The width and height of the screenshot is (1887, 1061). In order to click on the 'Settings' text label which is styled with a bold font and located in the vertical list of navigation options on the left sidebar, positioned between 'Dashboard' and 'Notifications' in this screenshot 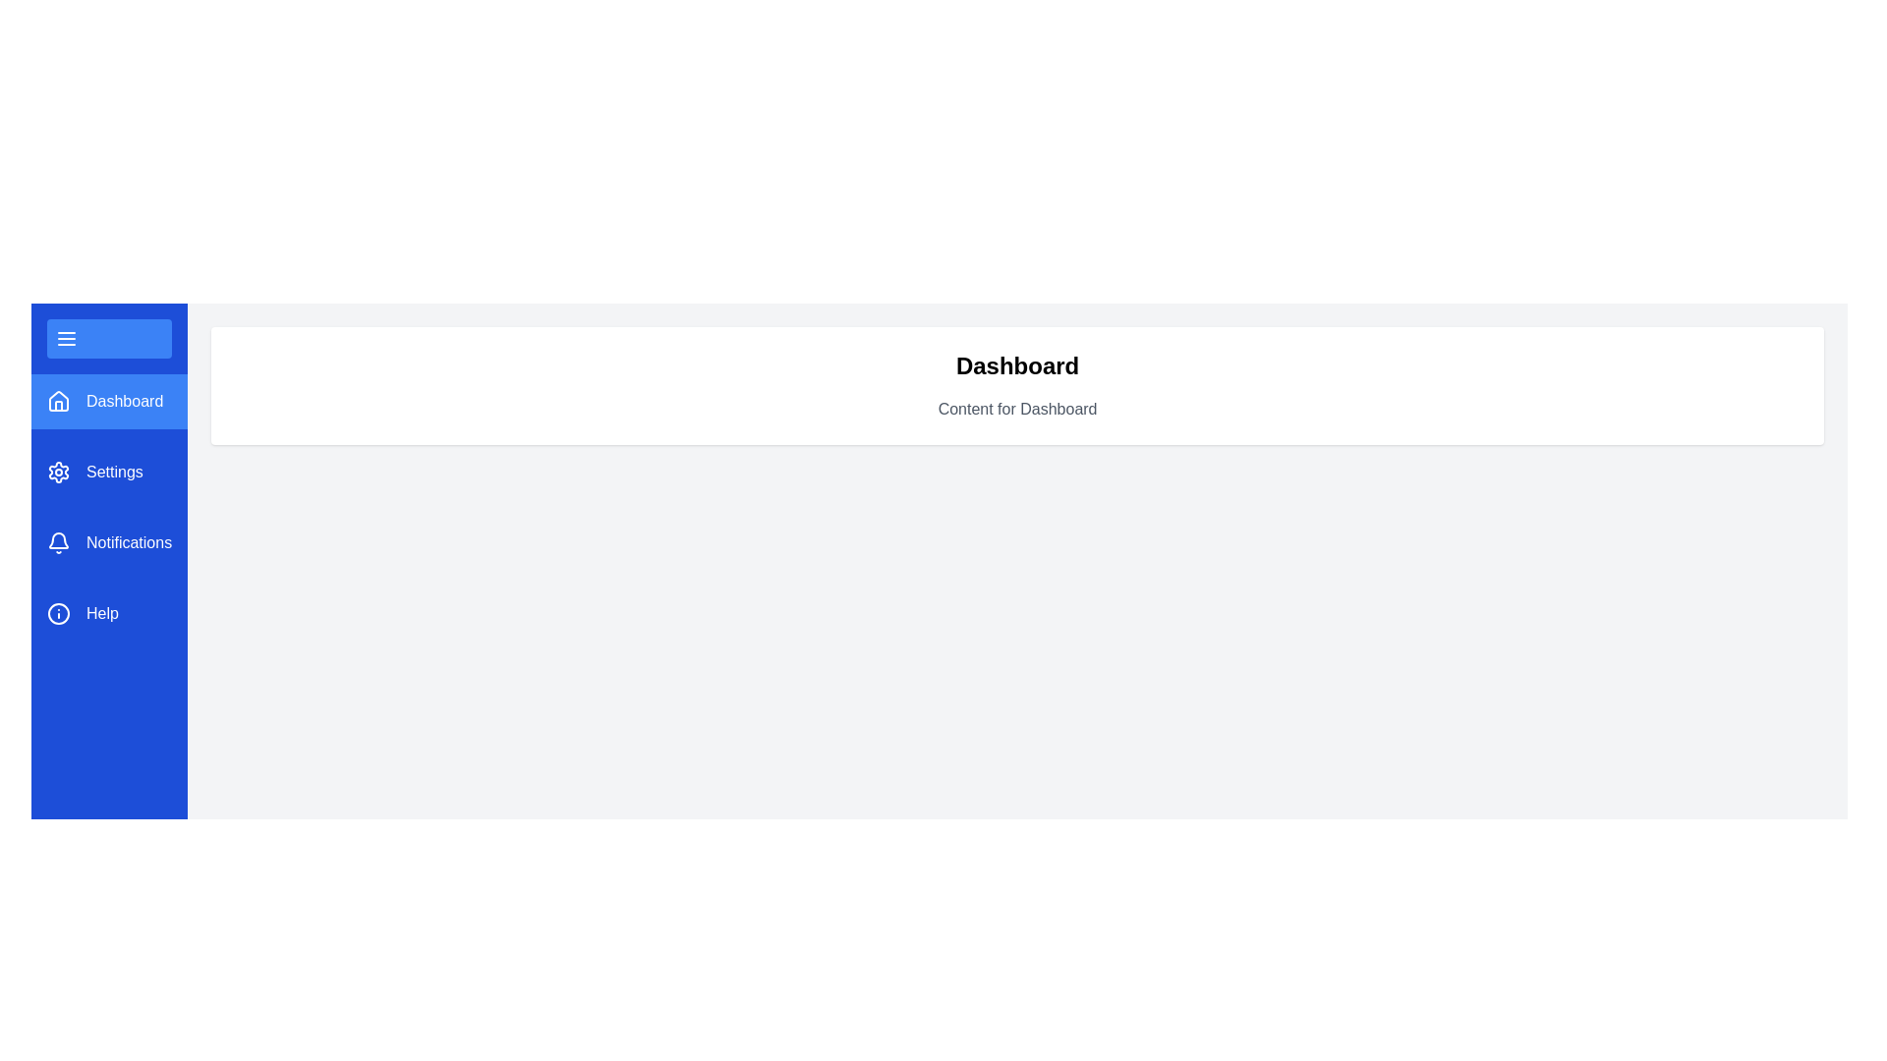, I will do `click(113, 473)`.